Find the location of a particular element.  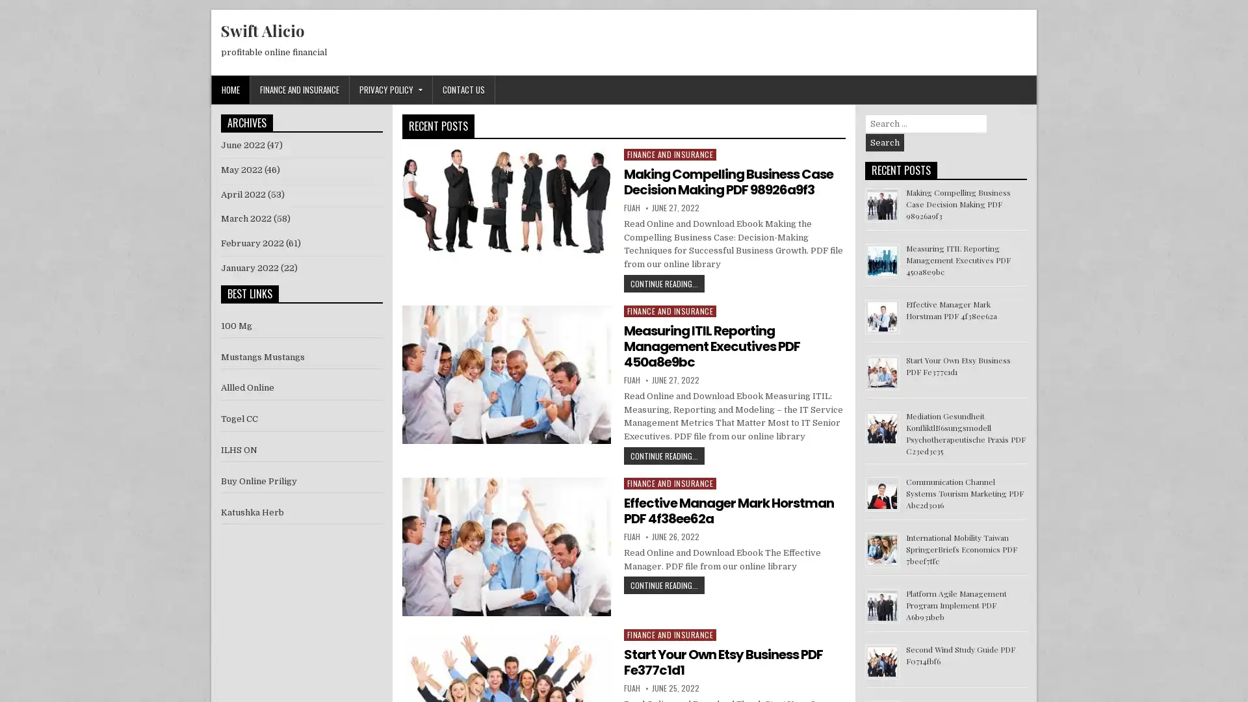

Search is located at coordinates (884, 142).